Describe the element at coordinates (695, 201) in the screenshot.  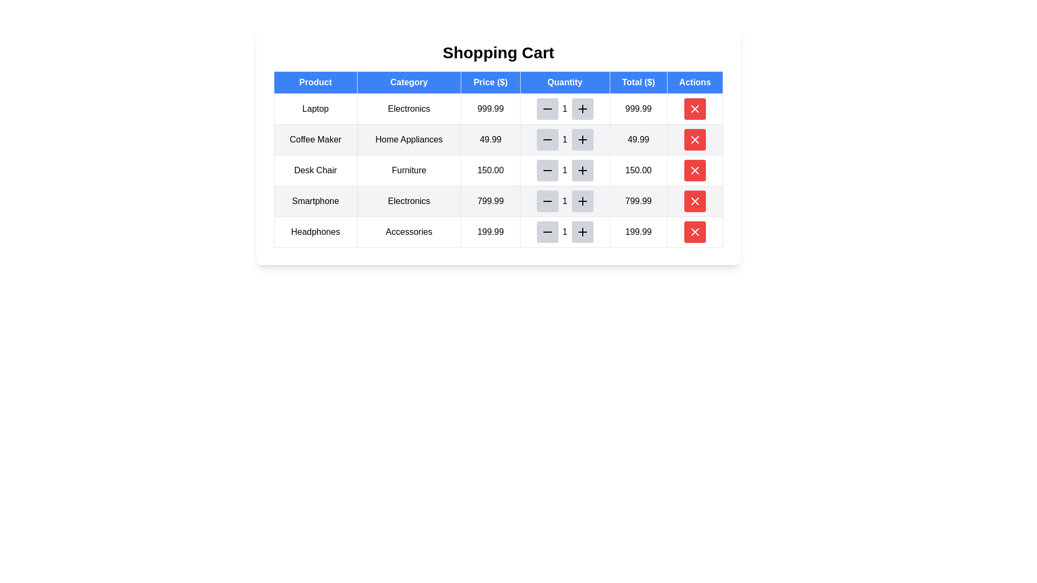
I see `the red square-shaped button with a white 'X' icon in the fifth row under the 'Actions' column` at that location.